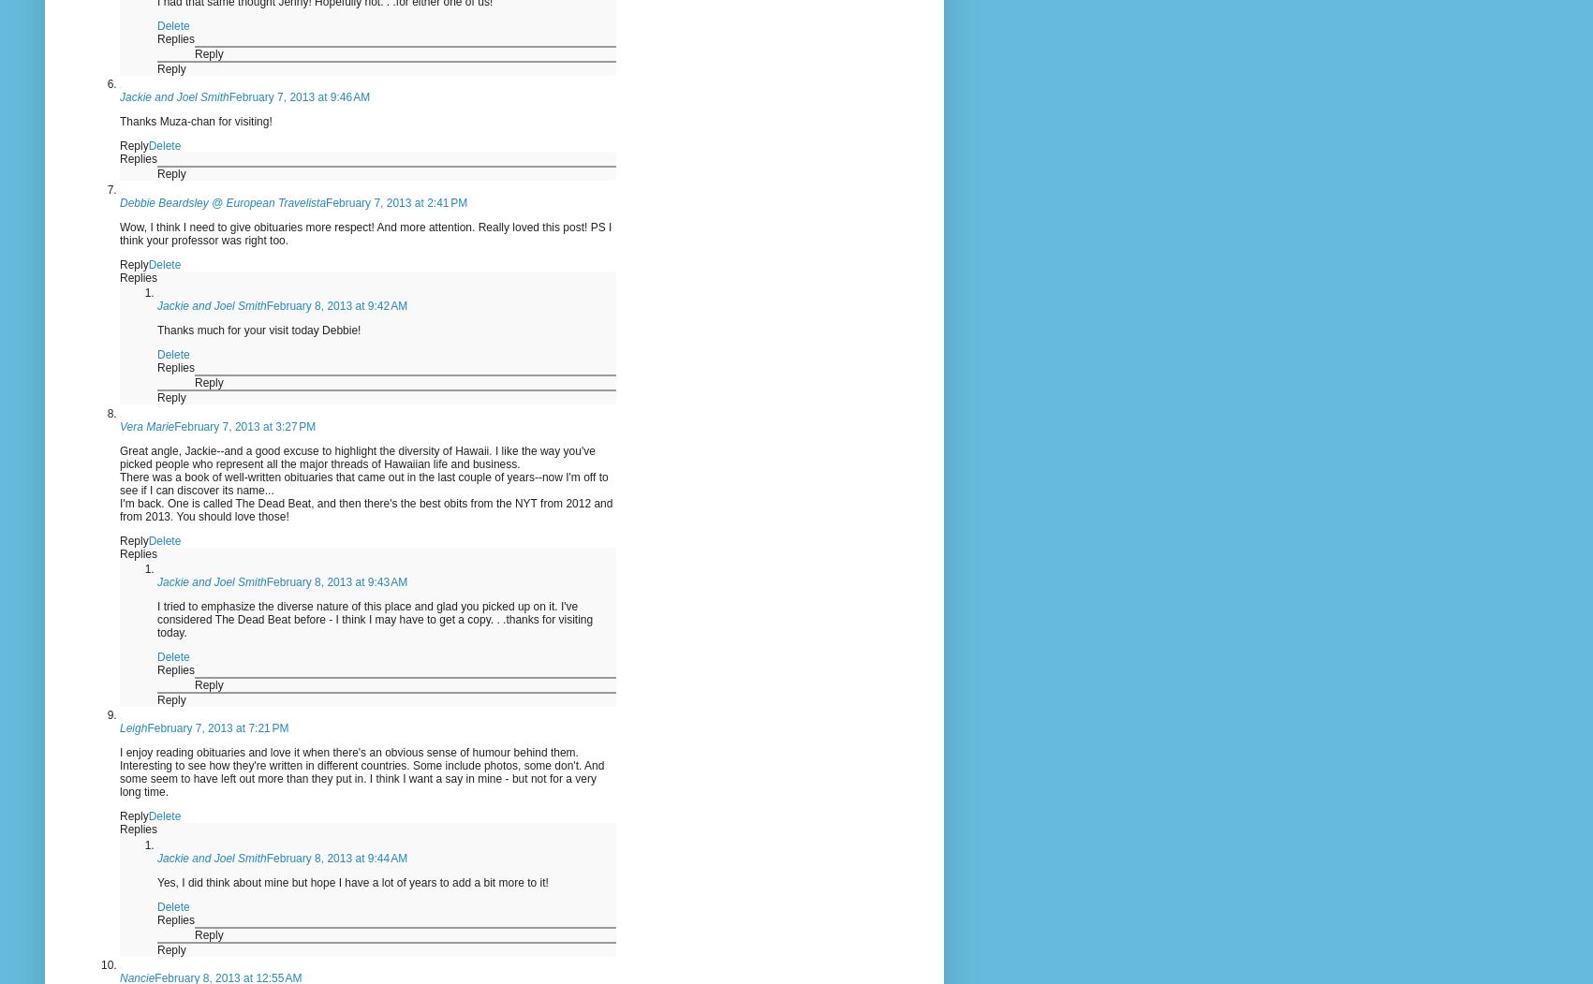 Image resolution: width=1593 pixels, height=984 pixels. Describe the element at coordinates (146, 727) in the screenshot. I see `'February 7, 2013 at 7:21 PM'` at that location.